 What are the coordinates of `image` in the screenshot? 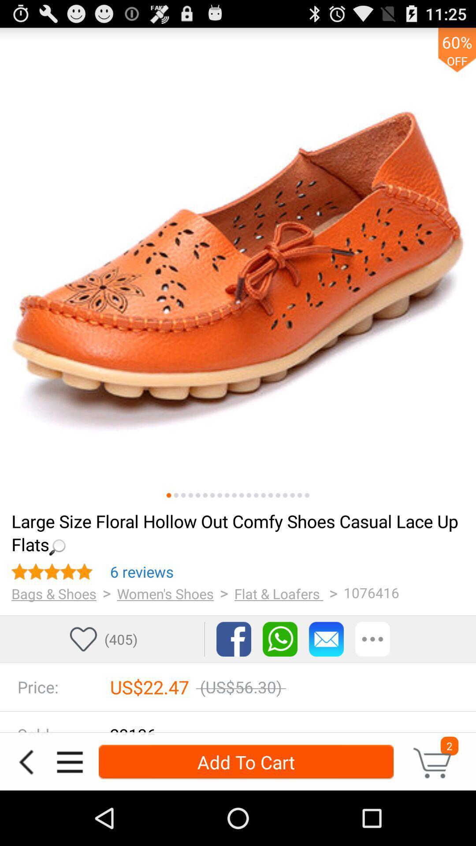 It's located at (183, 495).